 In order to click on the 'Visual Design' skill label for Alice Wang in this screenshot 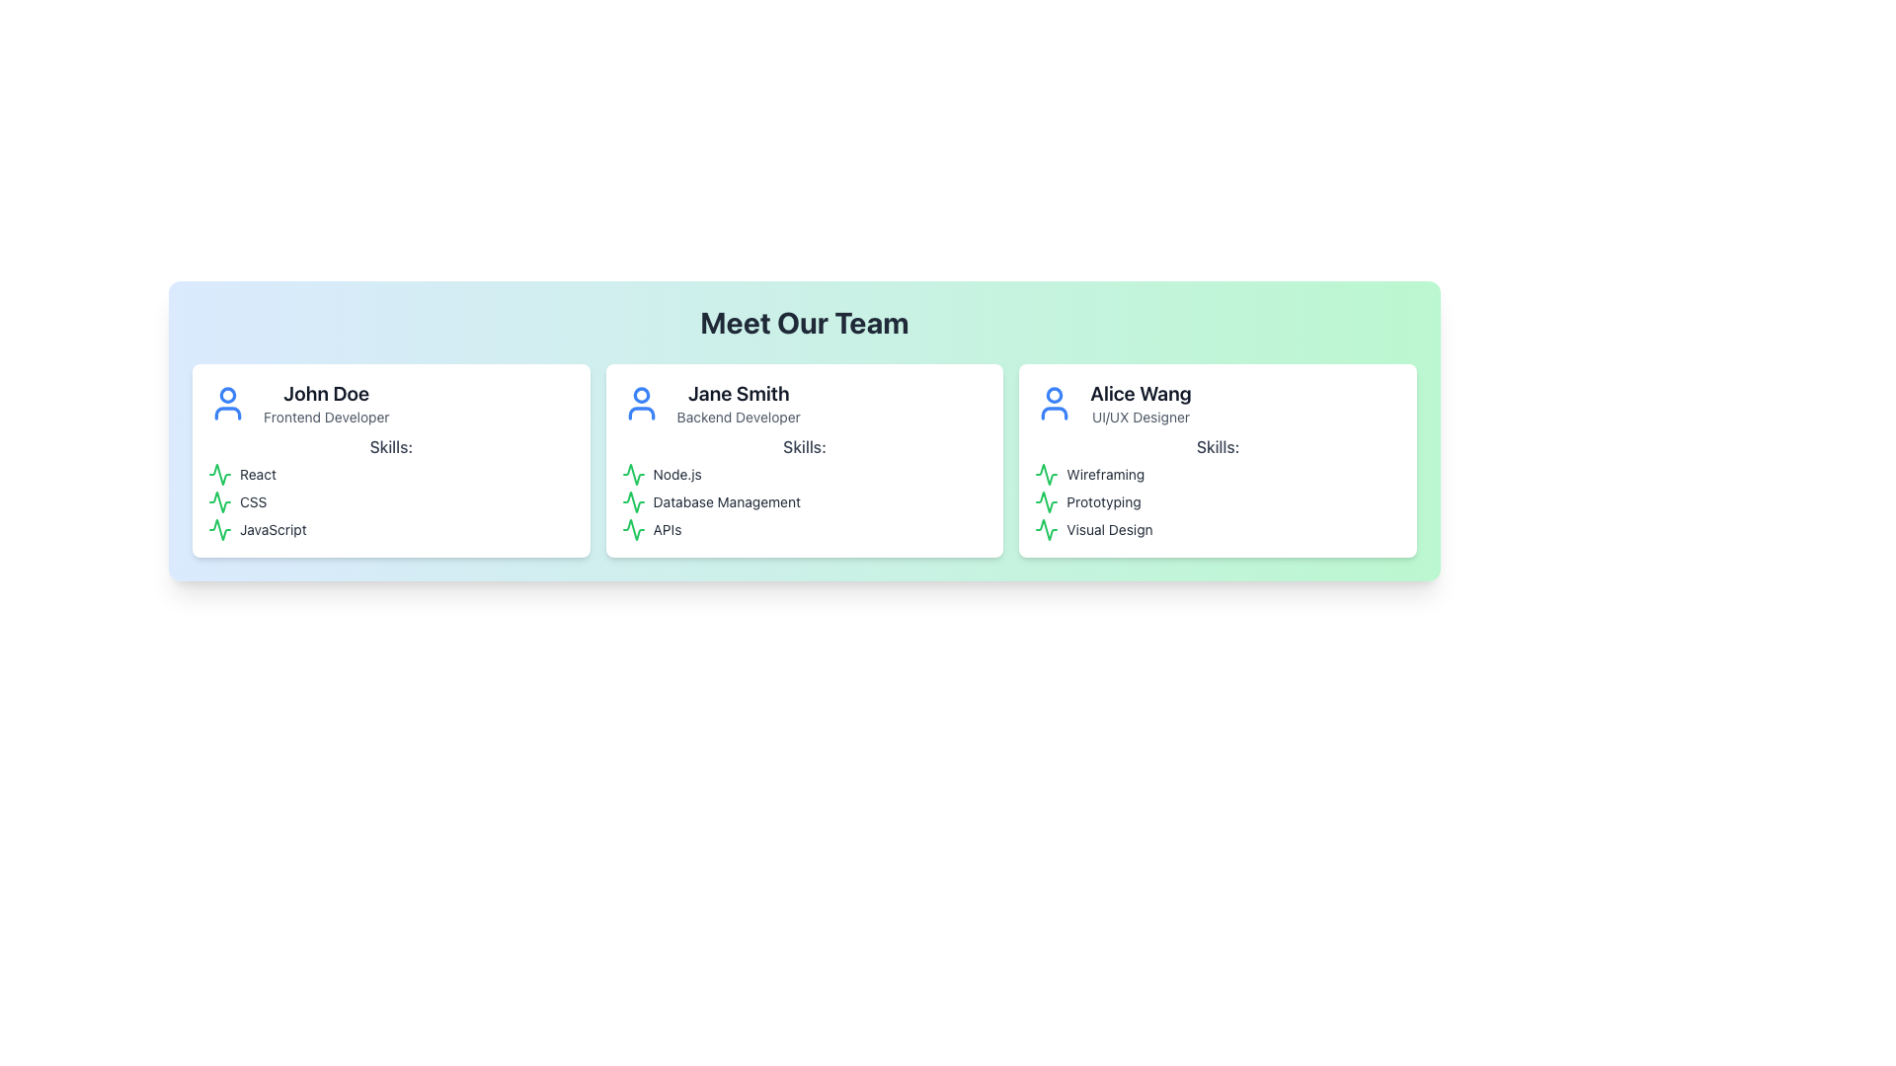, I will do `click(1217, 528)`.